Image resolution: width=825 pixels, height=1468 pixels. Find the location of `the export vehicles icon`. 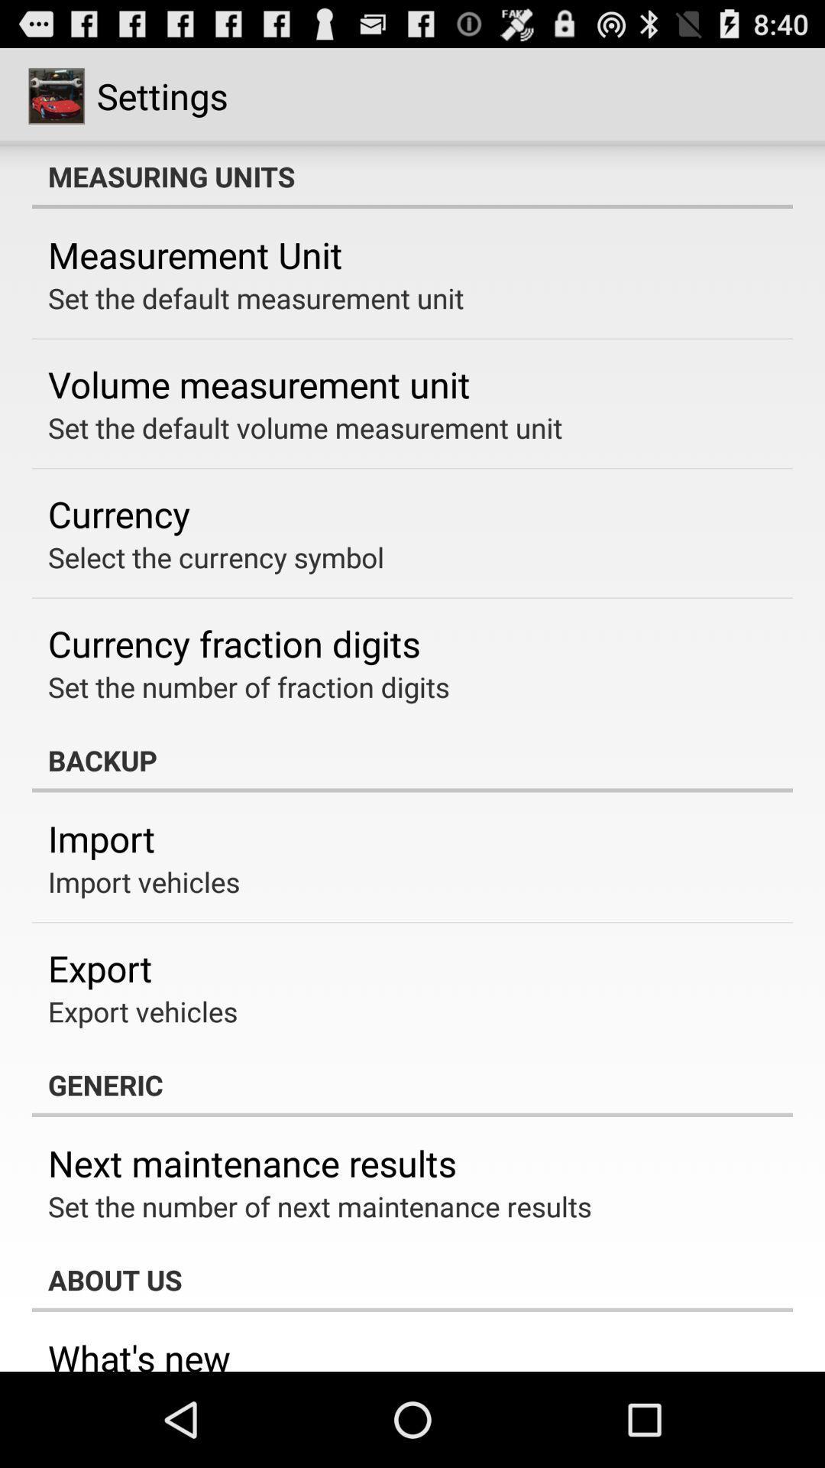

the export vehicles icon is located at coordinates (143, 1012).